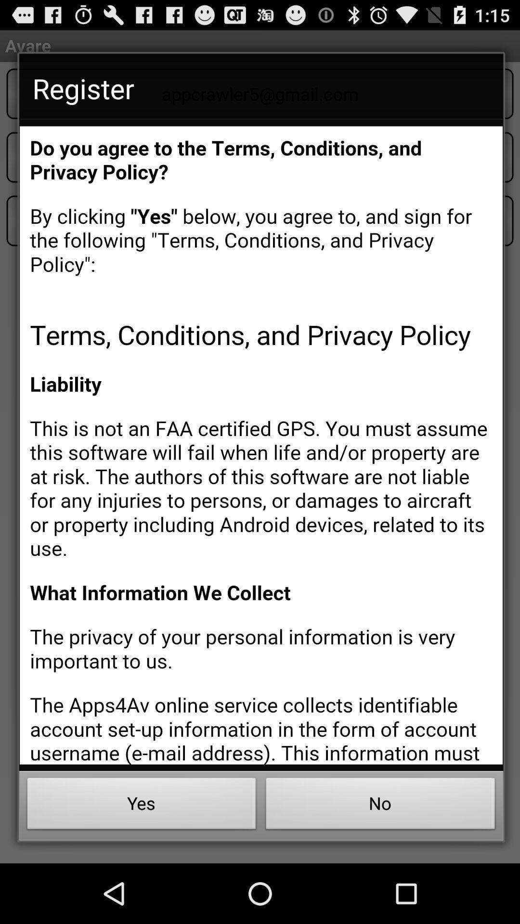 This screenshot has width=520, height=924. Describe the element at coordinates (261, 445) in the screenshot. I see `terms and conditions page` at that location.